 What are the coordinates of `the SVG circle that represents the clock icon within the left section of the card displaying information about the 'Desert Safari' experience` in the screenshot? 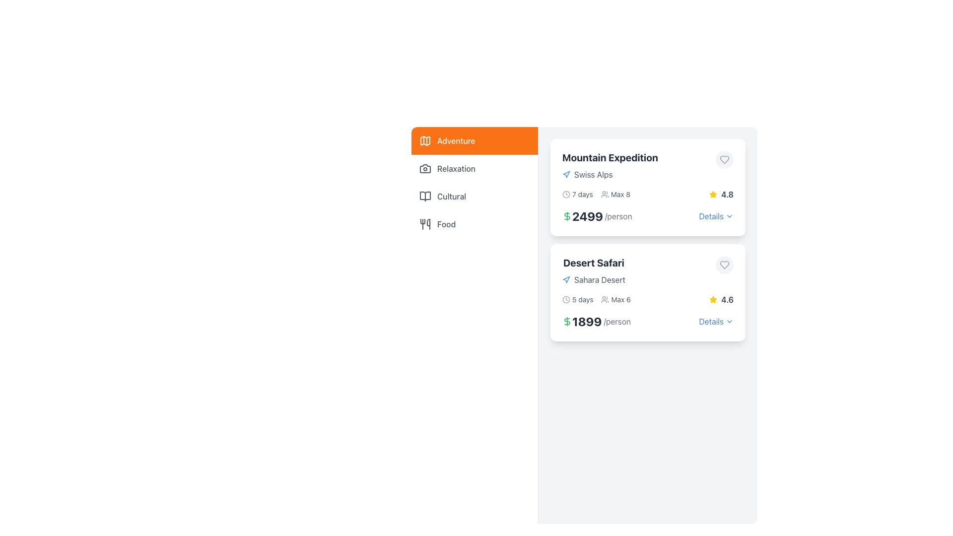 It's located at (566, 299).